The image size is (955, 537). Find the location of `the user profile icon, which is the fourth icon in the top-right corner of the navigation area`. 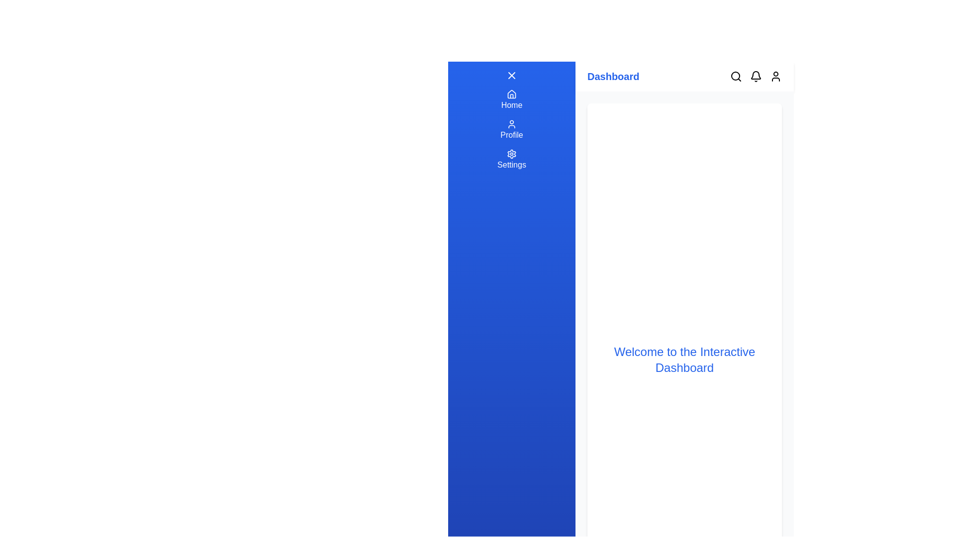

the user profile icon, which is the fourth icon in the top-right corner of the navigation area is located at coordinates (775, 76).